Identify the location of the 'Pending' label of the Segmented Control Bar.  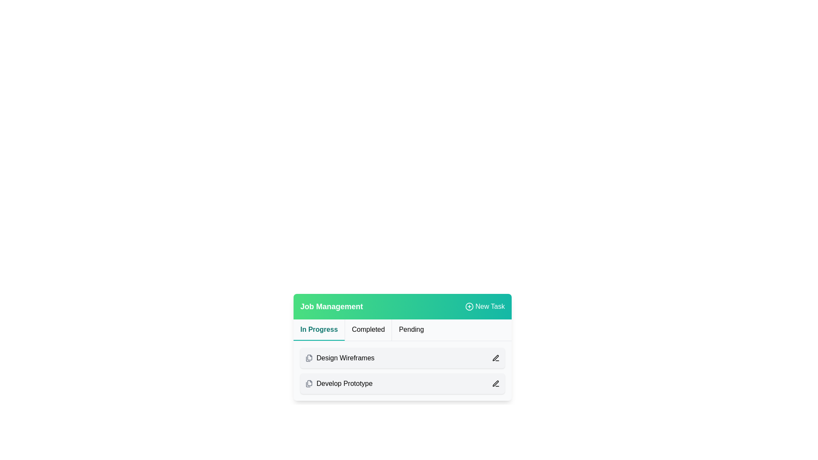
(402, 330).